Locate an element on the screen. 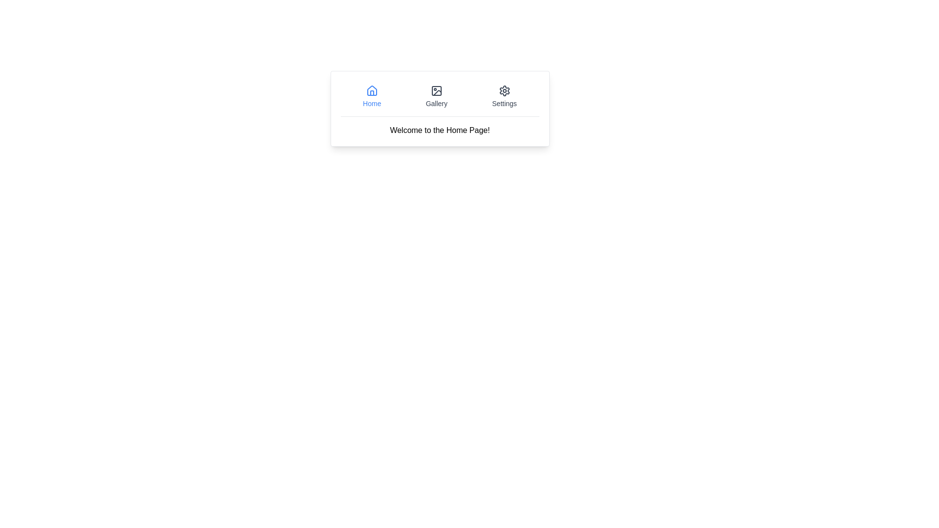 The width and height of the screenshot is (939, 528). the second button in the horizontal navigation bar is located at coordinates (436, 96).